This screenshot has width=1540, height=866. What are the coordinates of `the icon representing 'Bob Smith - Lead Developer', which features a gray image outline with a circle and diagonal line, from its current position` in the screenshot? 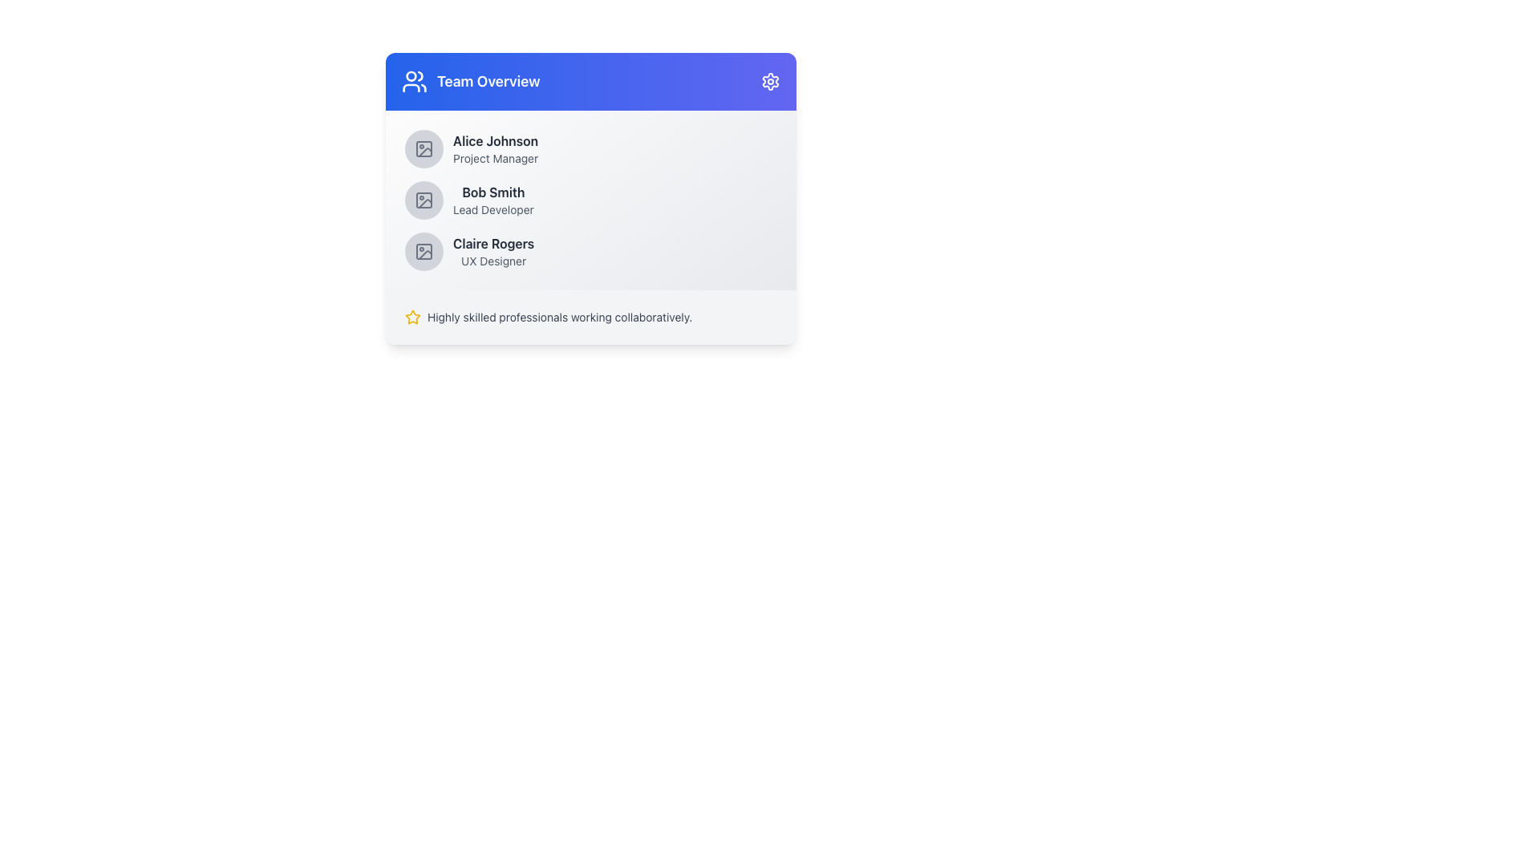 It's located at (423, 200).